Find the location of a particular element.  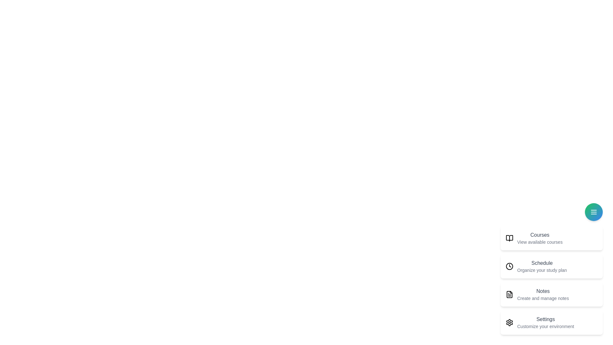

the menu item Schedule in the speed dial is located at coordinates (551, 266).